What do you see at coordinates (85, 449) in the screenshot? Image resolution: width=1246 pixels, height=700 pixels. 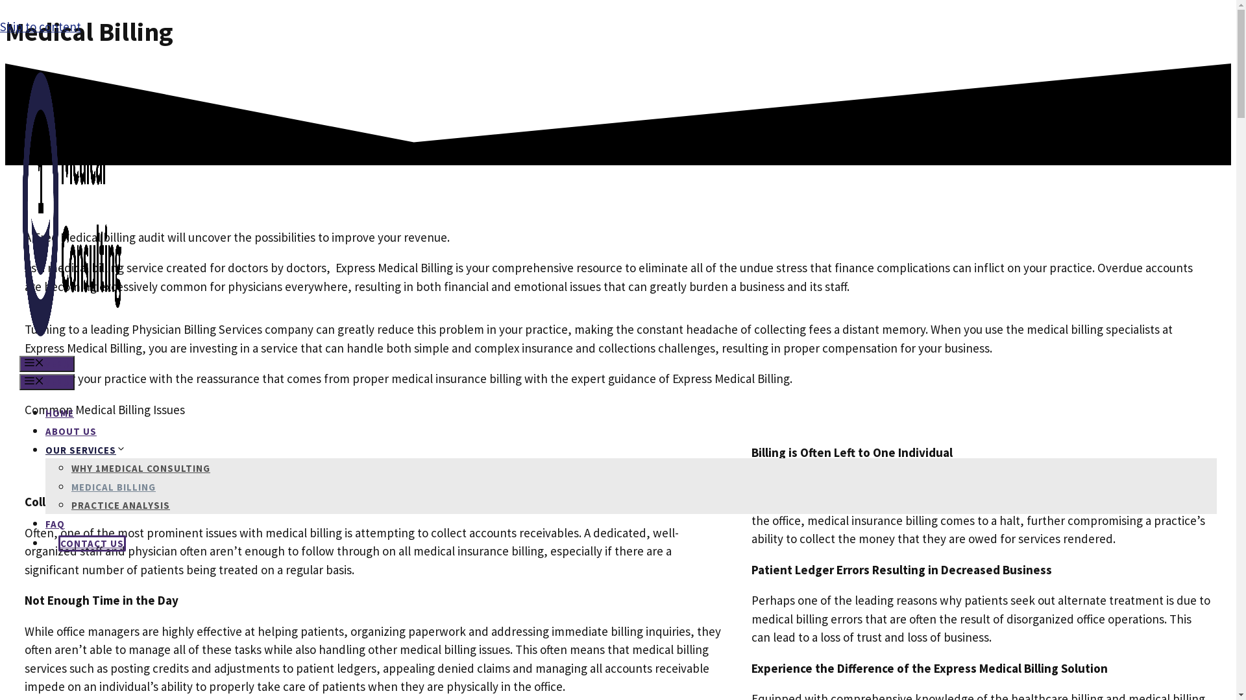 I see `'OUR SERVICES'` at bounding box center [85, 449].